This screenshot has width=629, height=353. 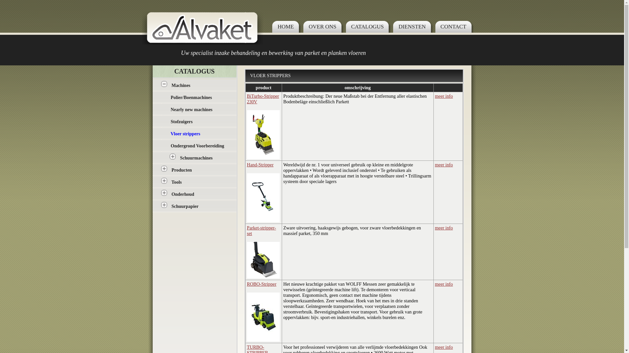 I want to click on 'Nearly new machines', so click(x=191, y=109).